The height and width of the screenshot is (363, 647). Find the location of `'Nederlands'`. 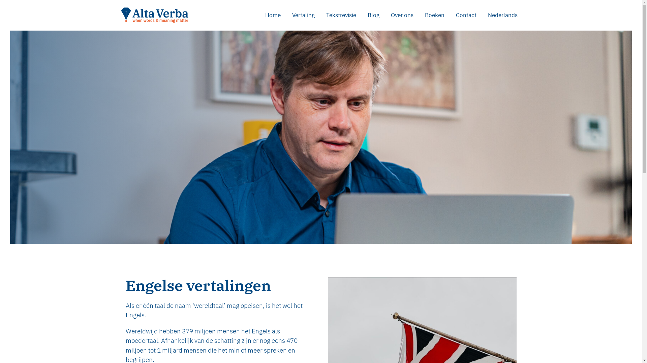

'Nederlands' is located at coordinates (502, 15).